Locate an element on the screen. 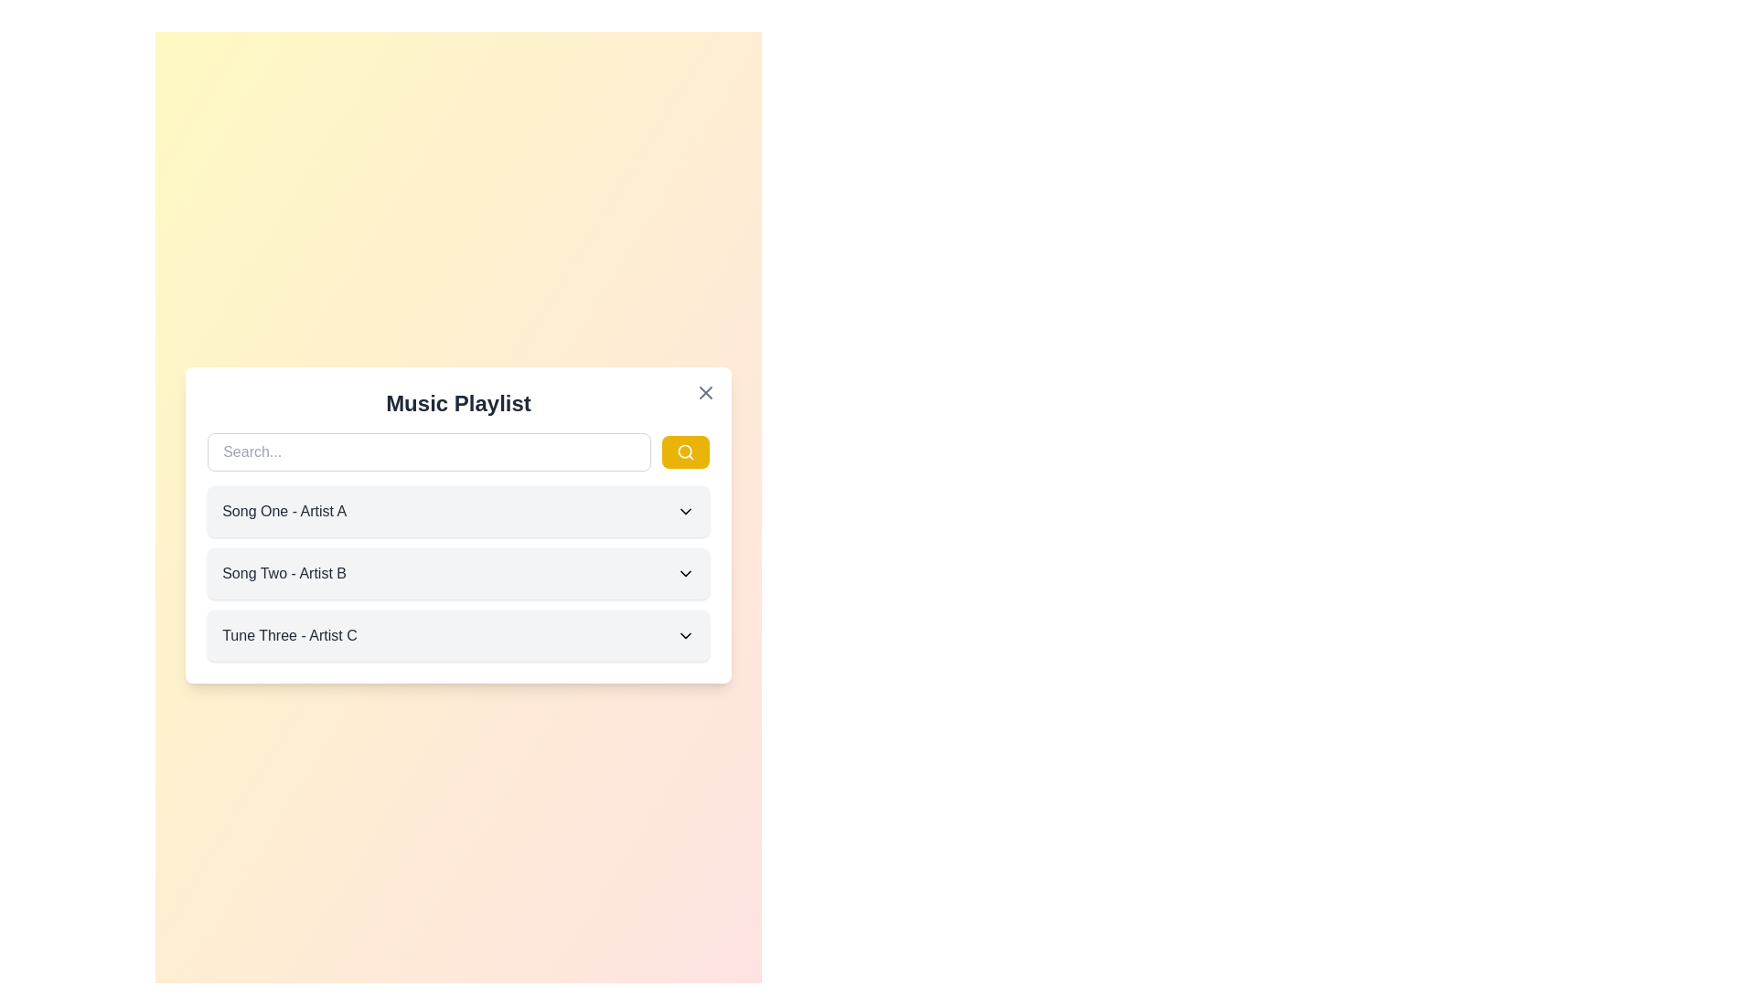 Image resolution: width=1756 pixels, height=987 pixels. the interactive dropdown of the List entry labeled 'Song Two - Artist B' is located at coordinates (458, 573).